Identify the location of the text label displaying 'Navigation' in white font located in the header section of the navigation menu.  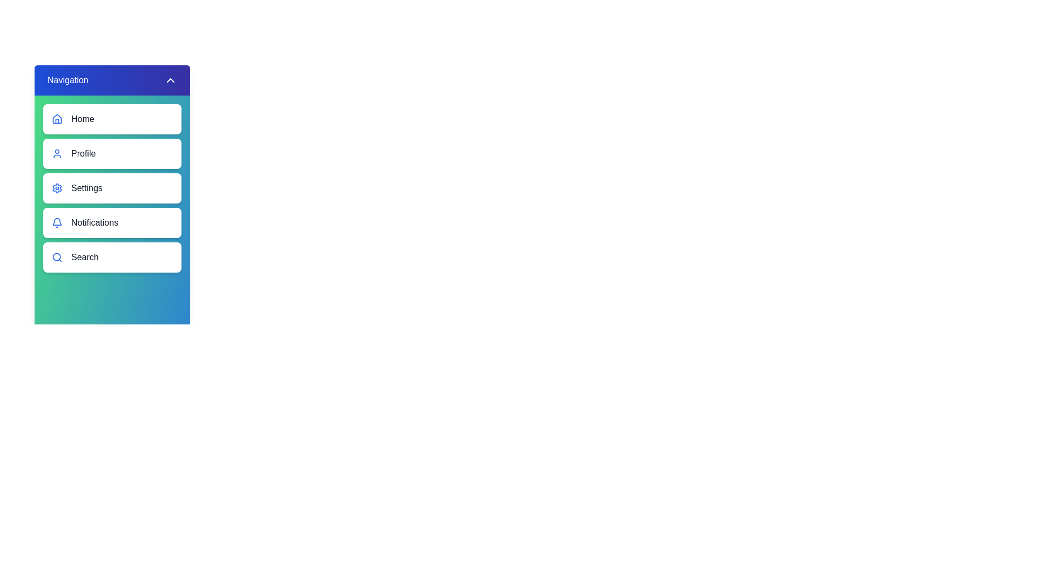
(67, 80).